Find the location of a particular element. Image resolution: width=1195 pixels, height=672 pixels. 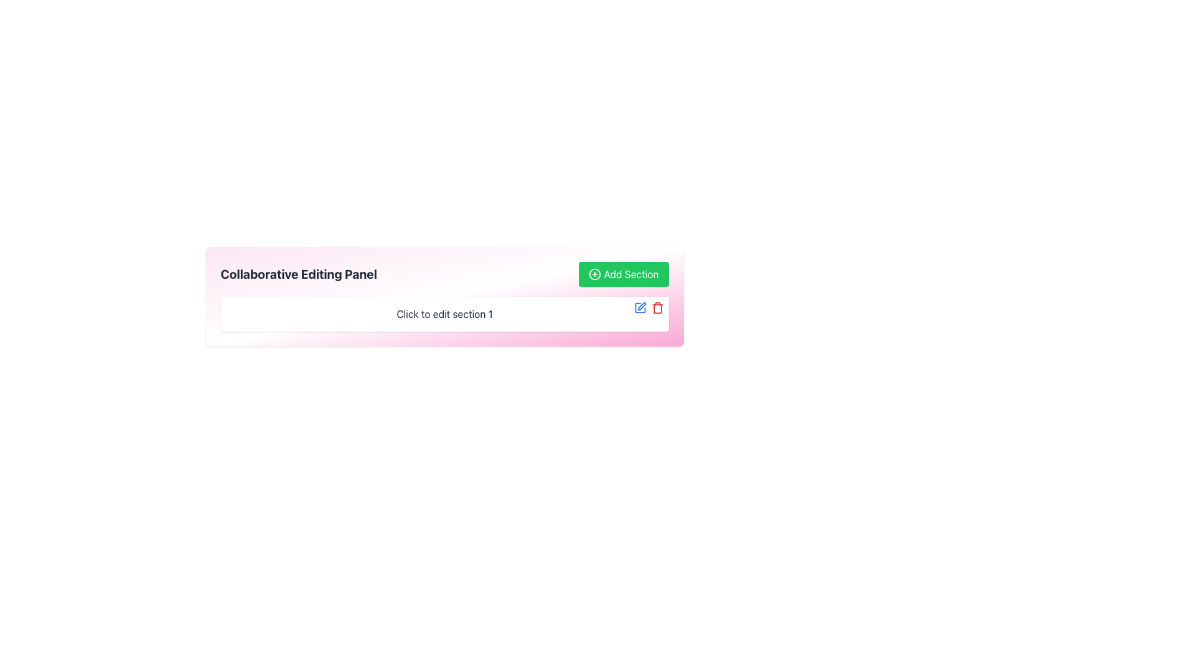

the trash icon with a red stroke color, located to the right of the blue pen icon is located at coordinates (657, 307).